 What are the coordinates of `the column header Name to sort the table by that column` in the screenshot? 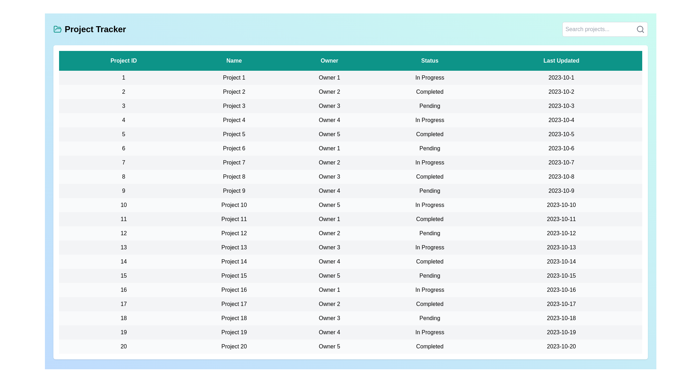 It's located at (234, 60).